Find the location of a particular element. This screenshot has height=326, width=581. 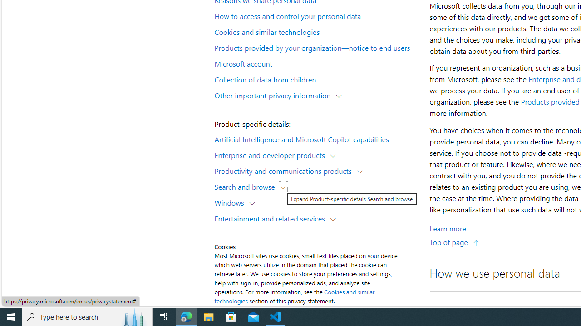

'Collection of data from children' is located at coordinates (316, 78).